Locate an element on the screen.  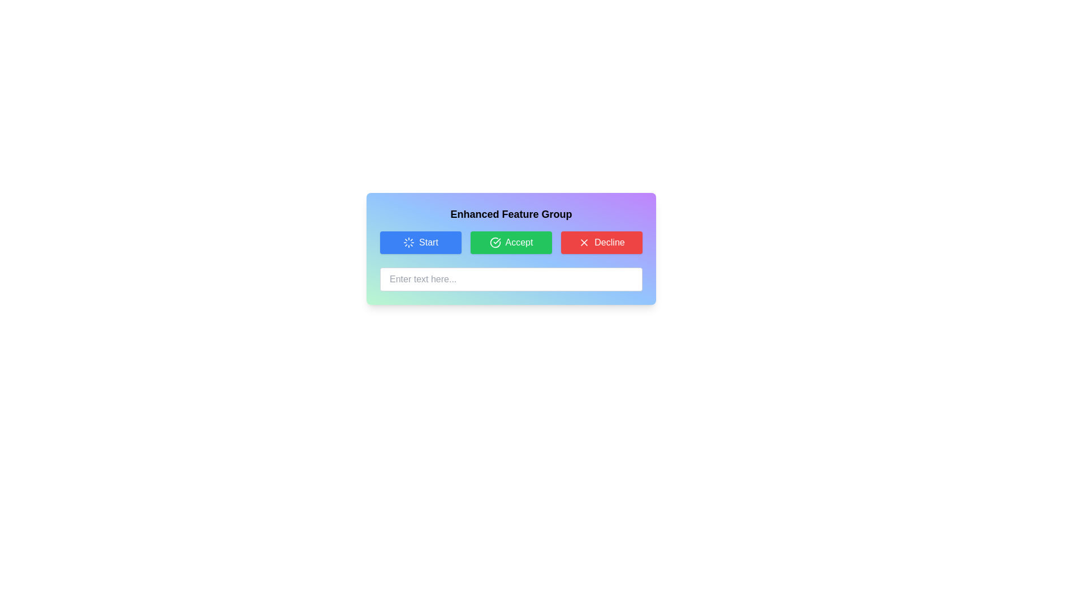
the green 'Accept' button located in the middle of three buttons is located at coordinates (510, 242).